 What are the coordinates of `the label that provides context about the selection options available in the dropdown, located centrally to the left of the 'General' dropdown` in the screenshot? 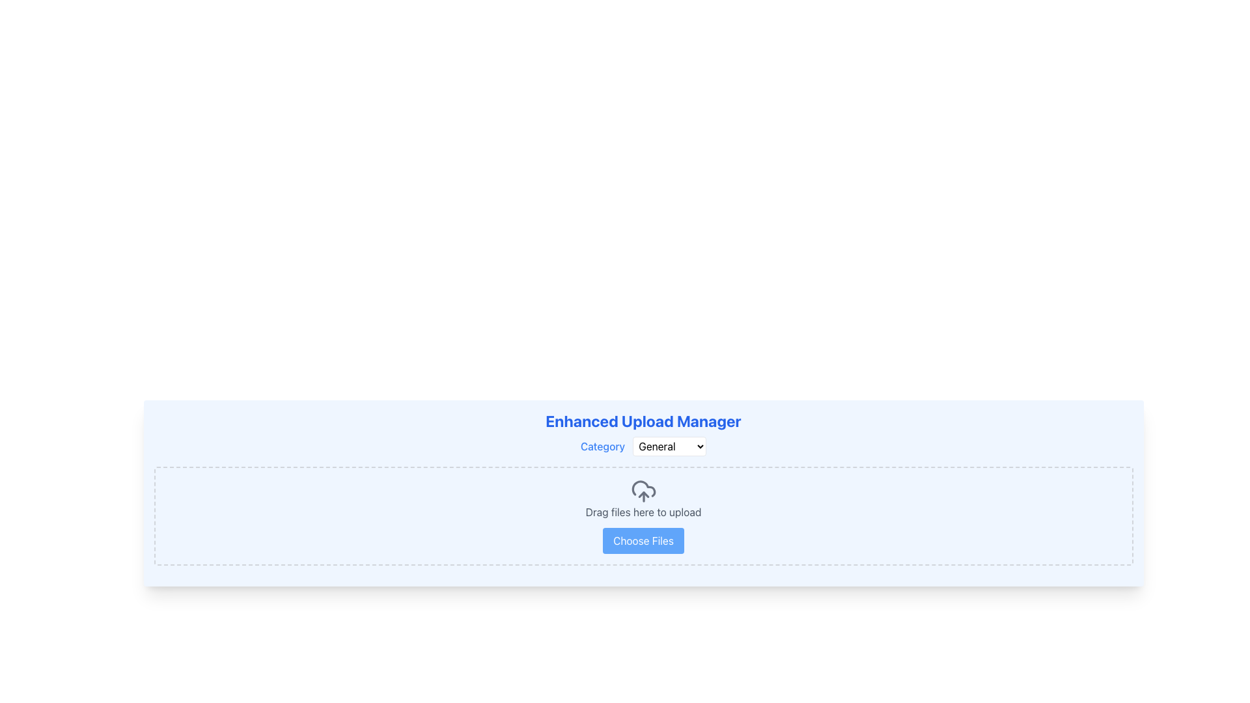 It's located at (602, 446).